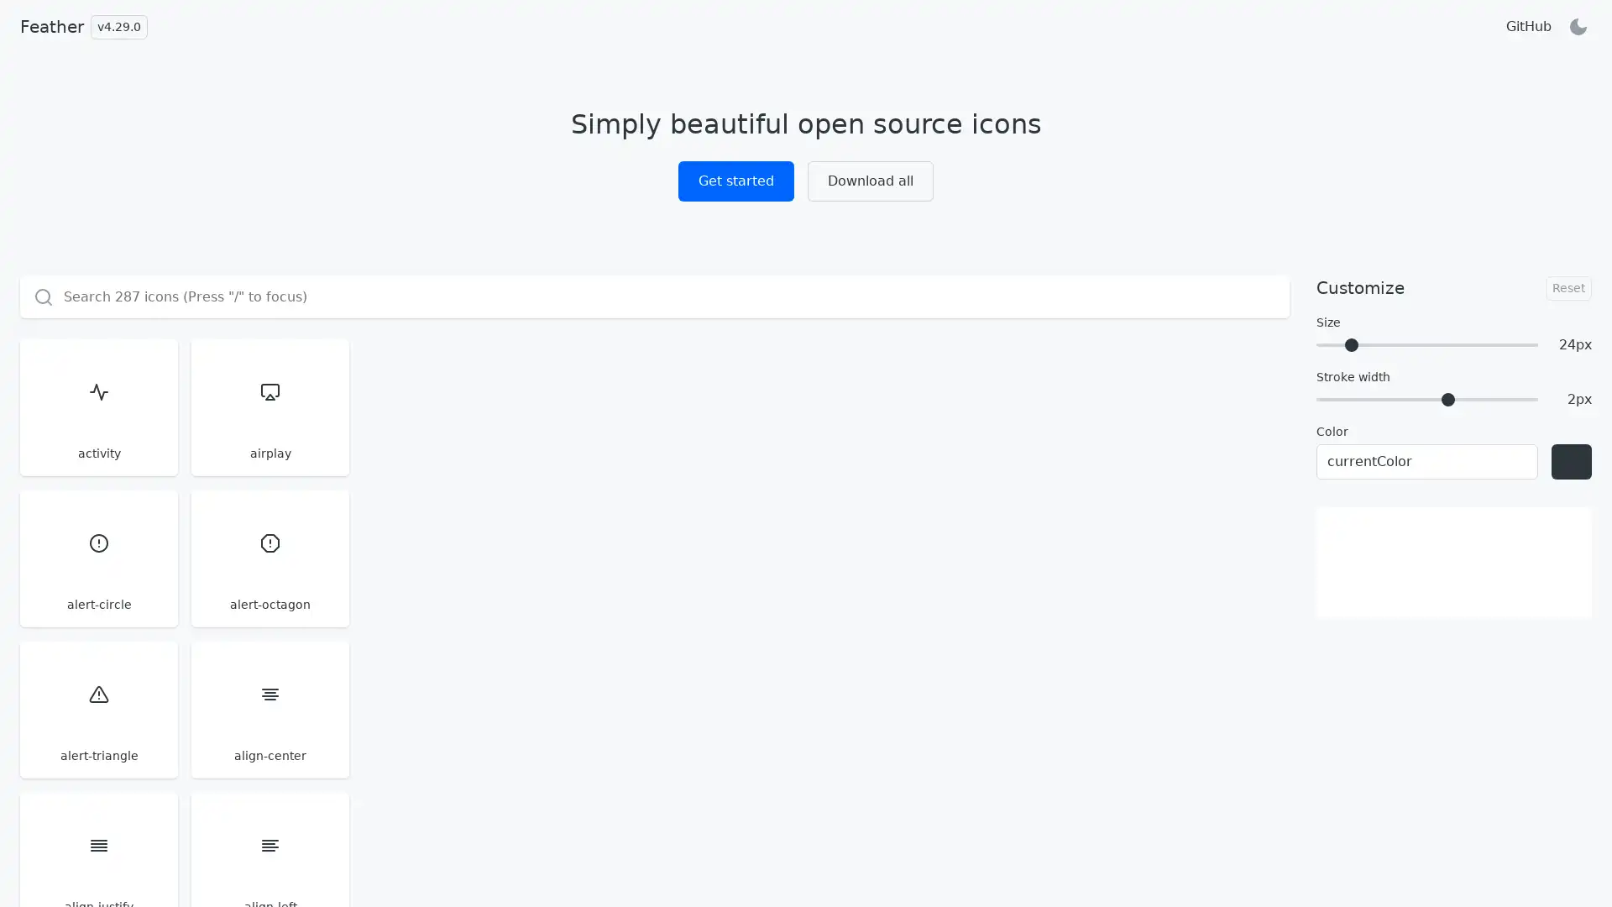  Describe the element at coordinates (510, 407) in the screenshot. I see `alert-octagon` at that location.